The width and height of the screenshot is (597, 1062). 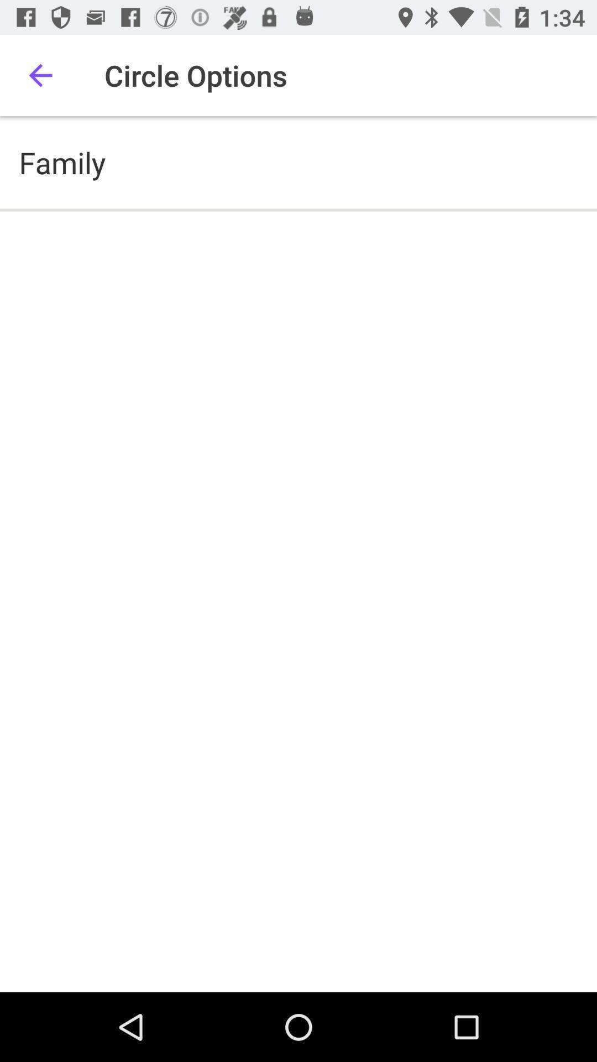 What do you see at coordinates (40, 75) in the screenshot?
I see `icon to the left of circle options icon` at bounding box center [40, 75].